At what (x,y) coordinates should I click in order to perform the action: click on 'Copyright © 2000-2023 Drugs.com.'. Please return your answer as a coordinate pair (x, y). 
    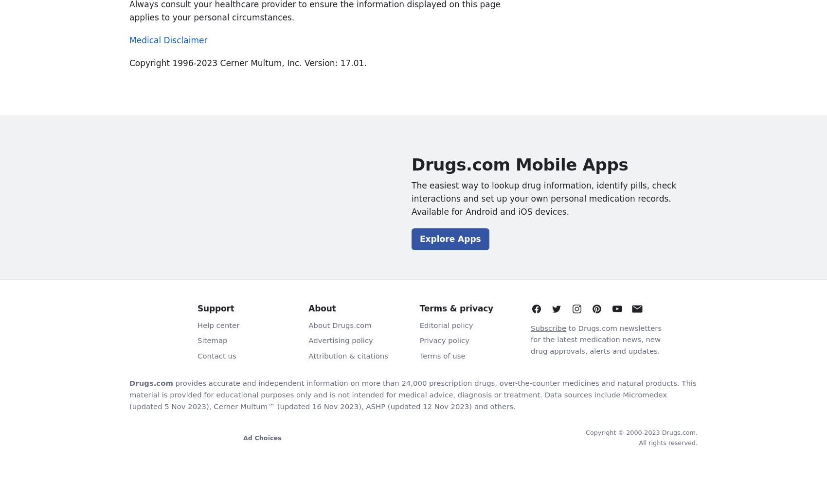
    Looking at the image, I should click on (642, 432).